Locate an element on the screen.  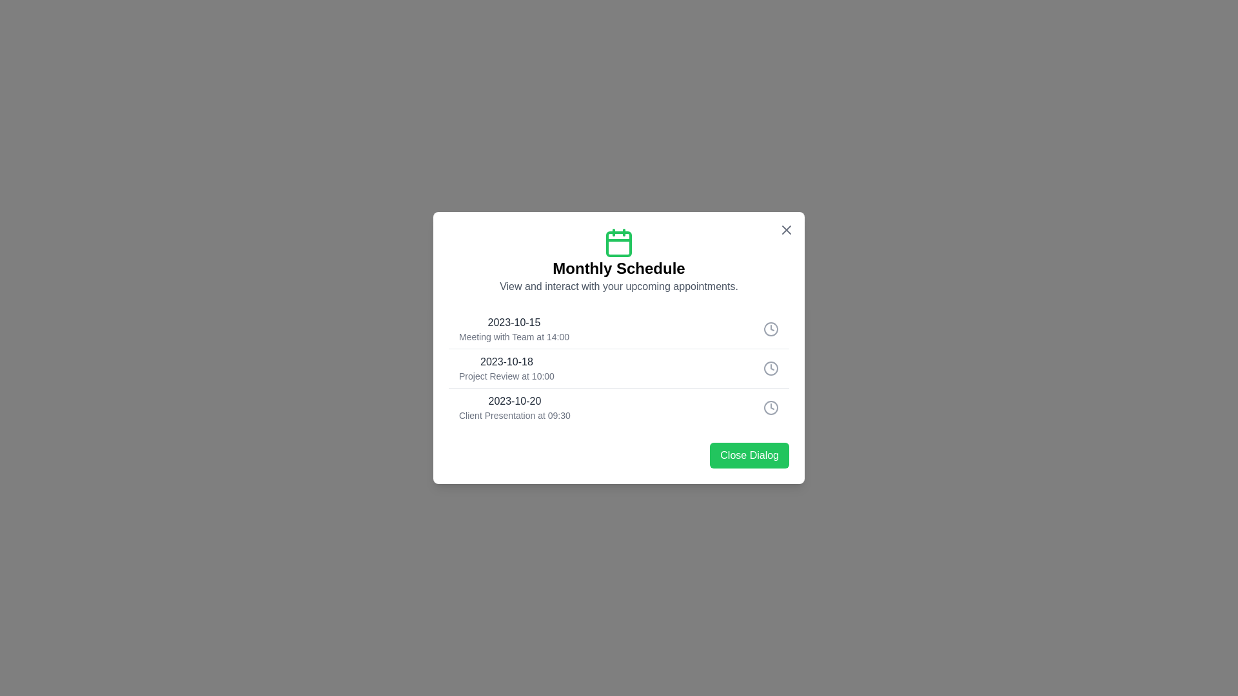
the event corresponding to 2023-10-18 to highlight it is located at coordinates (619, 367).